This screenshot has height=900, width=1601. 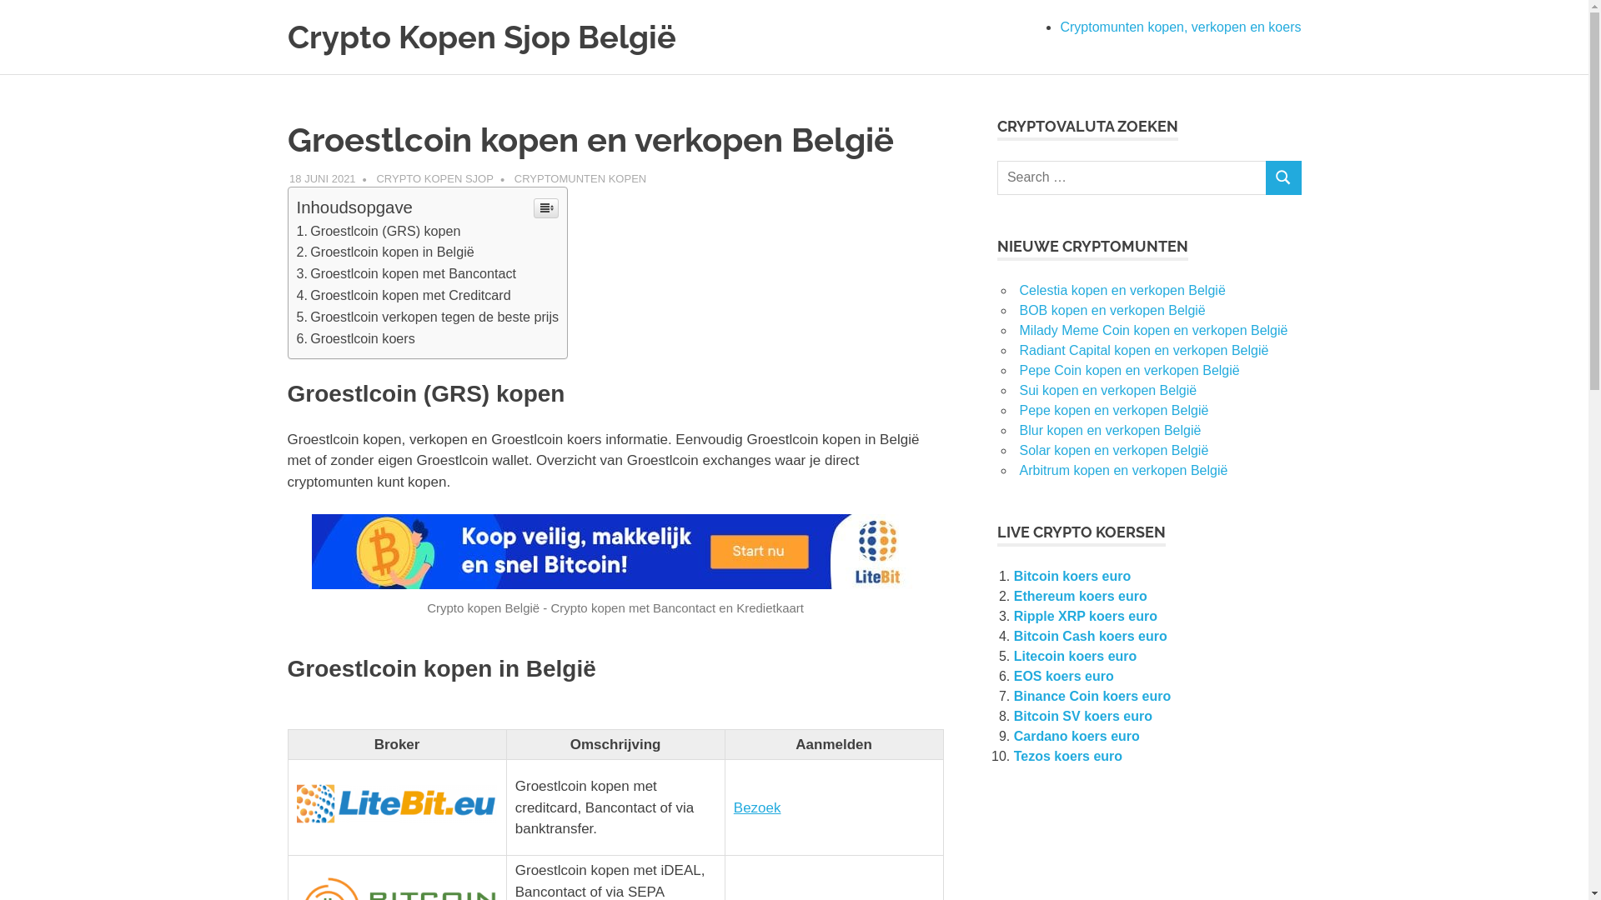 I want to click on 'Search for:', so click(x=1132, y=177).